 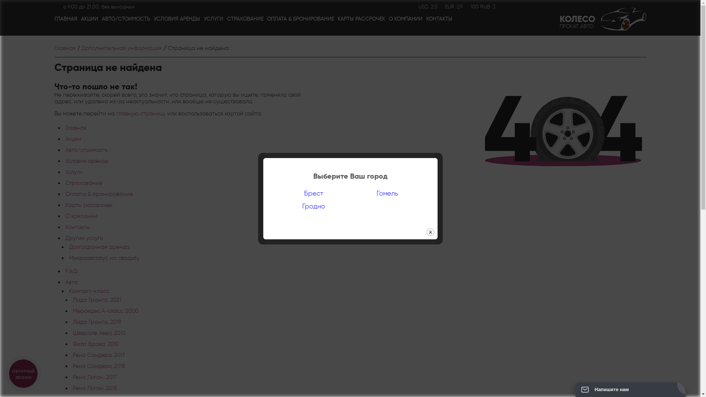 I want to click on 'F.A.Q', so click(x=65, y=271).